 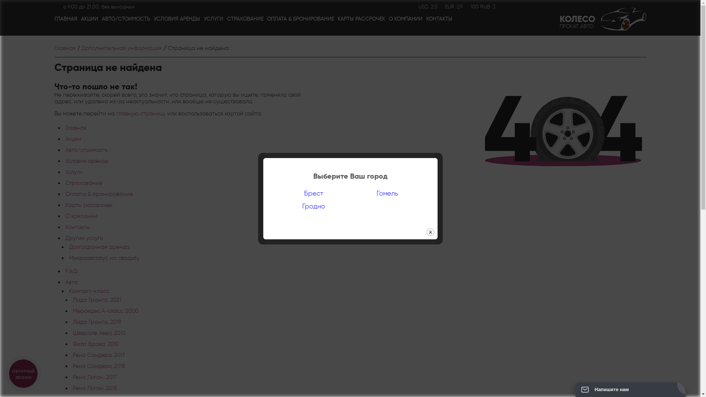 I want to click on 'F.A.Q', so click(x=65, y=271).